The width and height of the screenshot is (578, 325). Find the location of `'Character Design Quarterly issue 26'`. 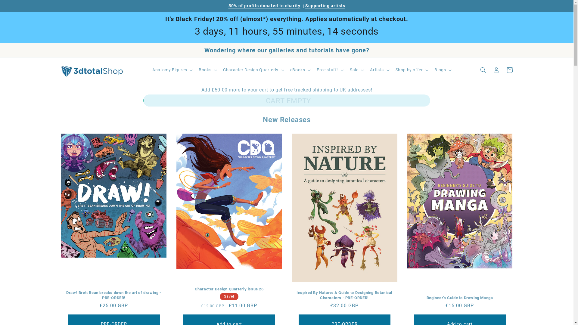

'Character Design Quarterly issue 26' is located at coordinates (229, 289).